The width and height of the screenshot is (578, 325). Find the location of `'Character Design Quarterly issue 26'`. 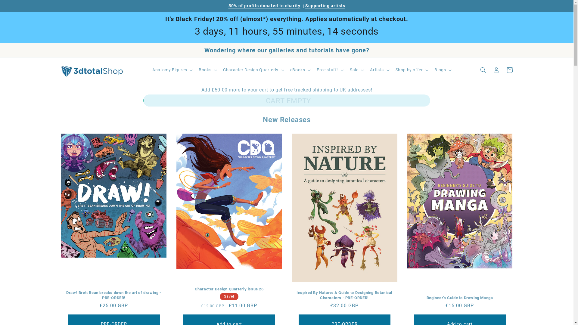

'Character Design Quarterly issue 26' is located at coordinates (229, 289).